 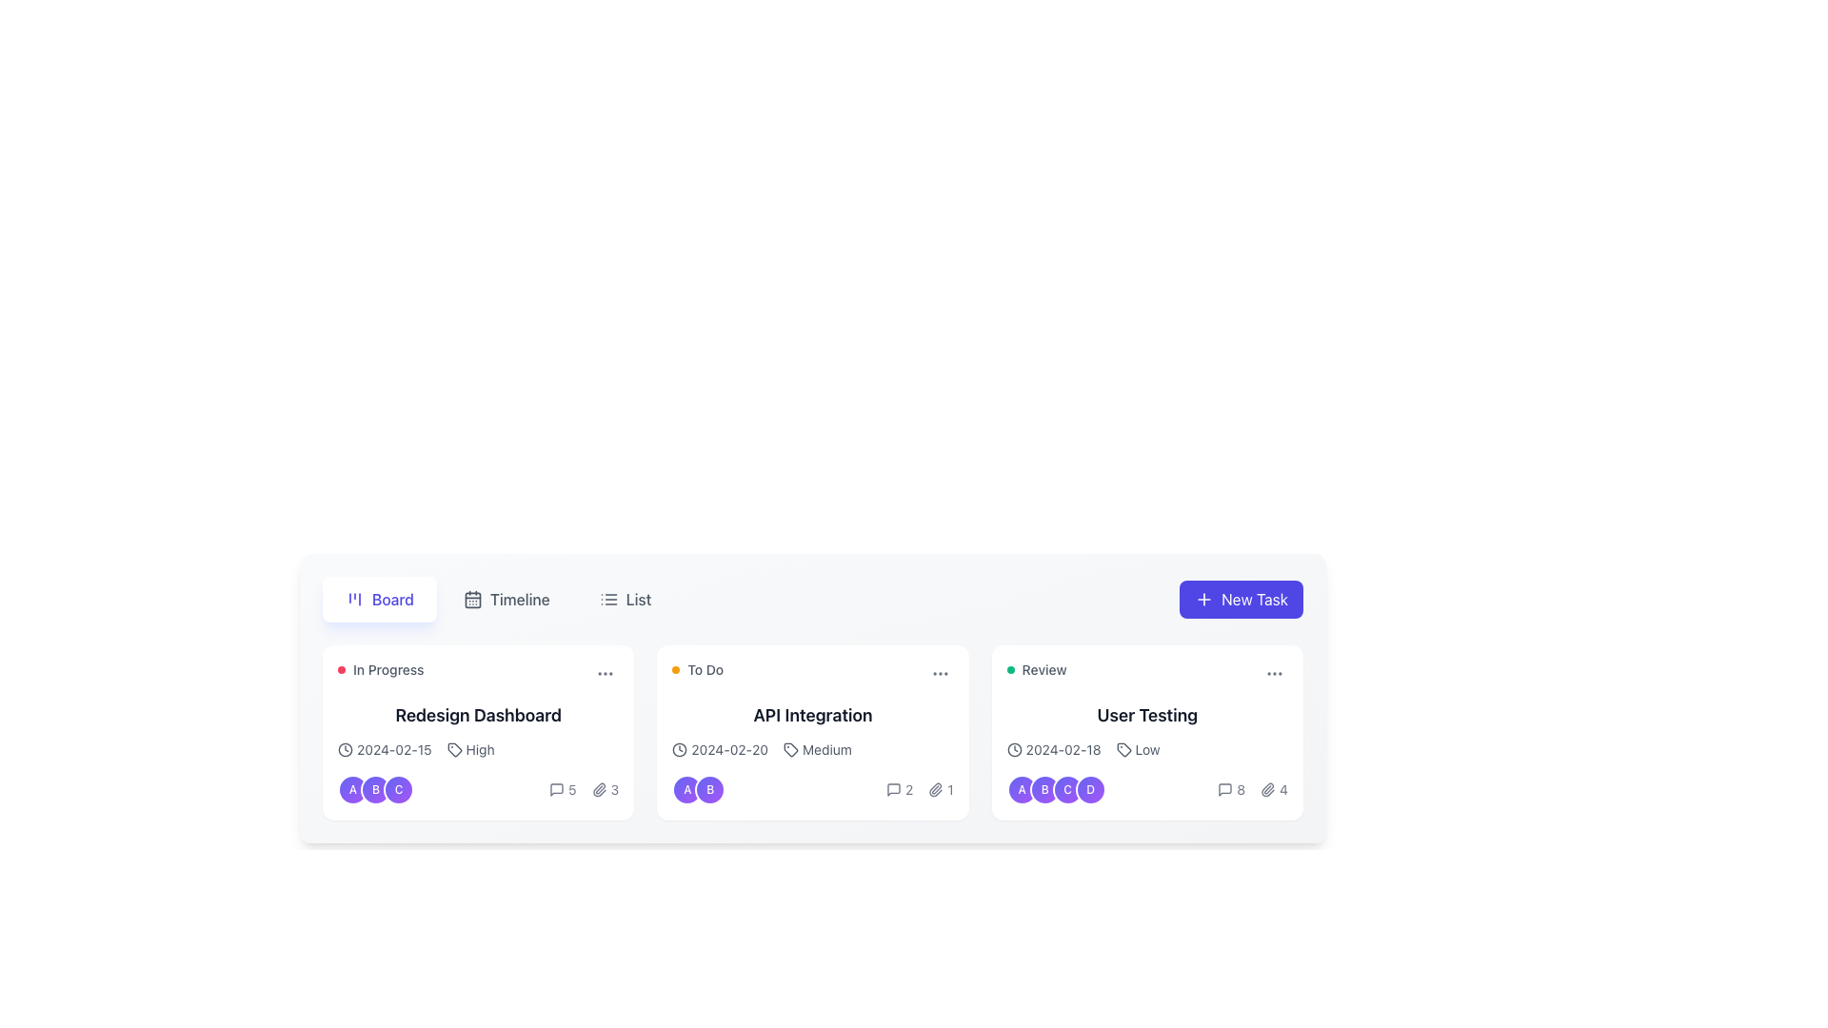 What do you see at coordinates (583, 789) in the screenshot?
I see `the numeric text label '53', which is styled in gray and located to the right of the paperclip icon in the lower section of the first card titled 'Redesign Dashboard', if interactive options are present nearby` at bounding box center [583, 789].